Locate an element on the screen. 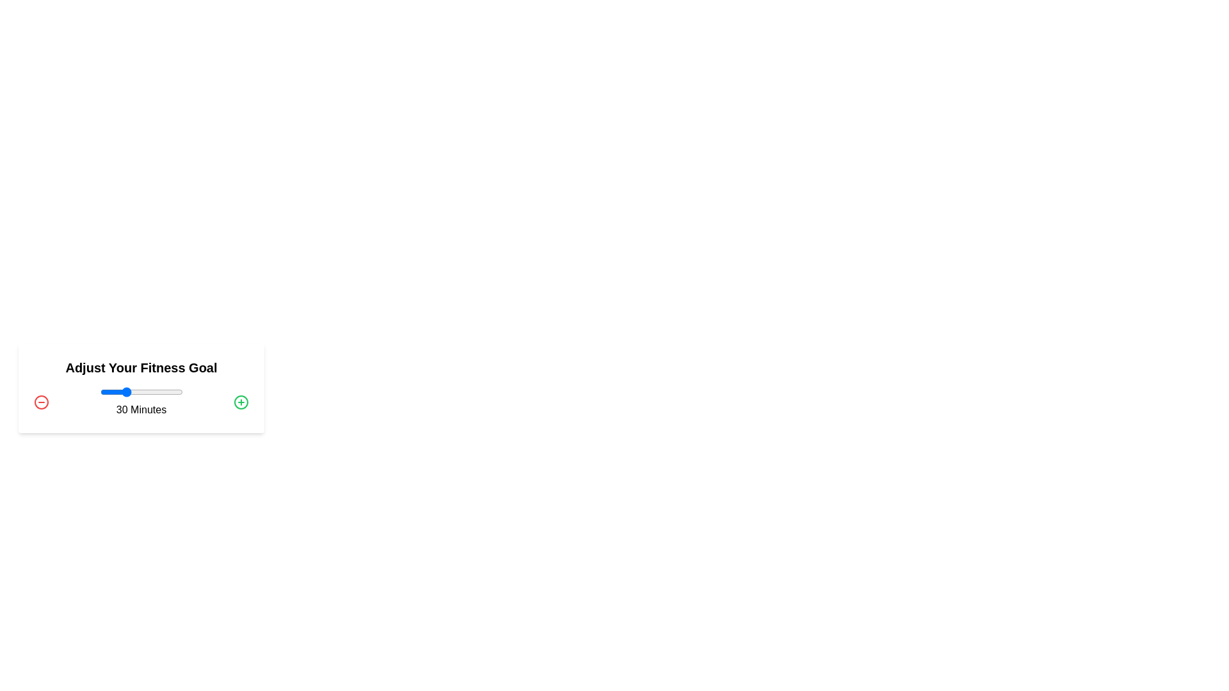 This screenshot has height=691, width=1229. the blue slider thumb of the slider control labeled '30 Minutes' to move it is located at coordinates (141, 401).